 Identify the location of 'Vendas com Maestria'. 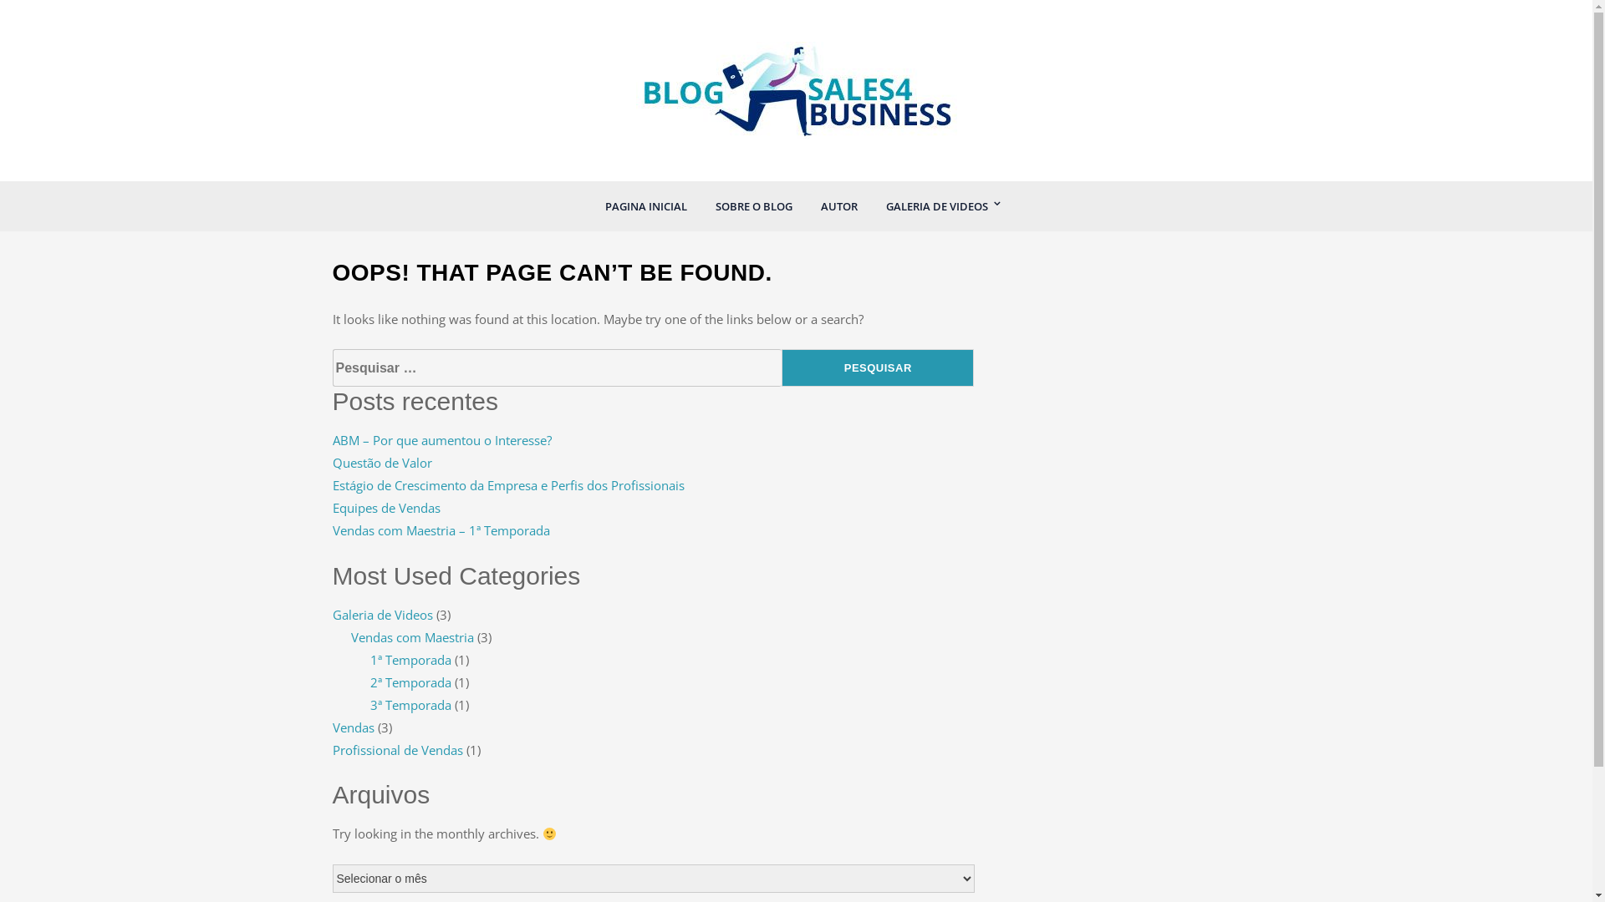
(350, 637).